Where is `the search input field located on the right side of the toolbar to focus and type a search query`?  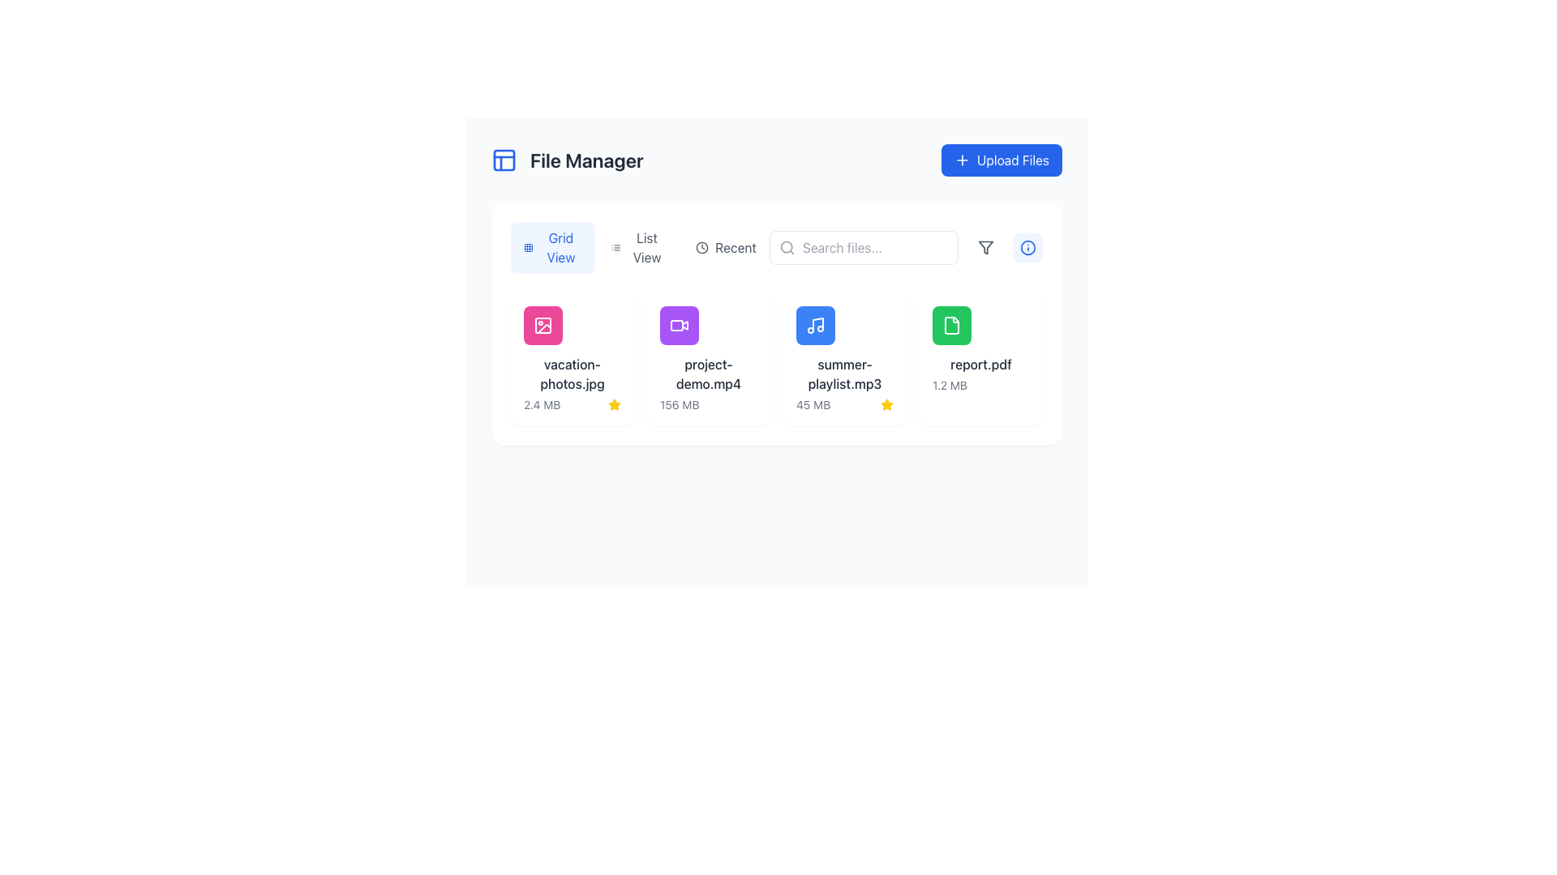
the search input field located on the right side of the toolbar to focus and type a search query is located at coordinates (863, 247).